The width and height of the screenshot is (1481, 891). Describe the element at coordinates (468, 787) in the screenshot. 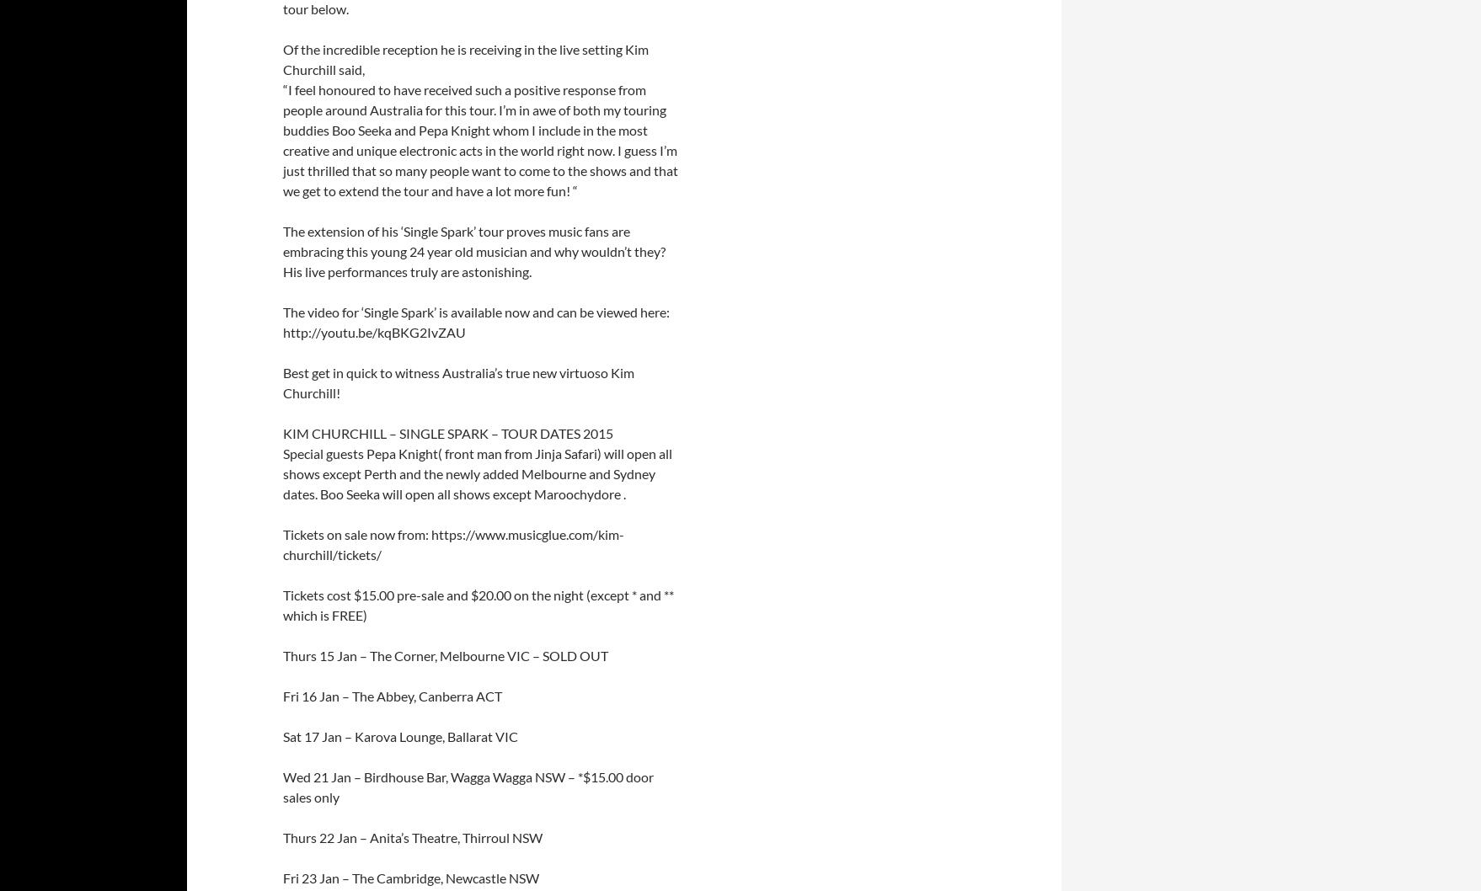

I see `'Wed 21 Jan – Birdhouse Bar, Wagga Wagga NSW – *$15.00 door sales only'` at that location.